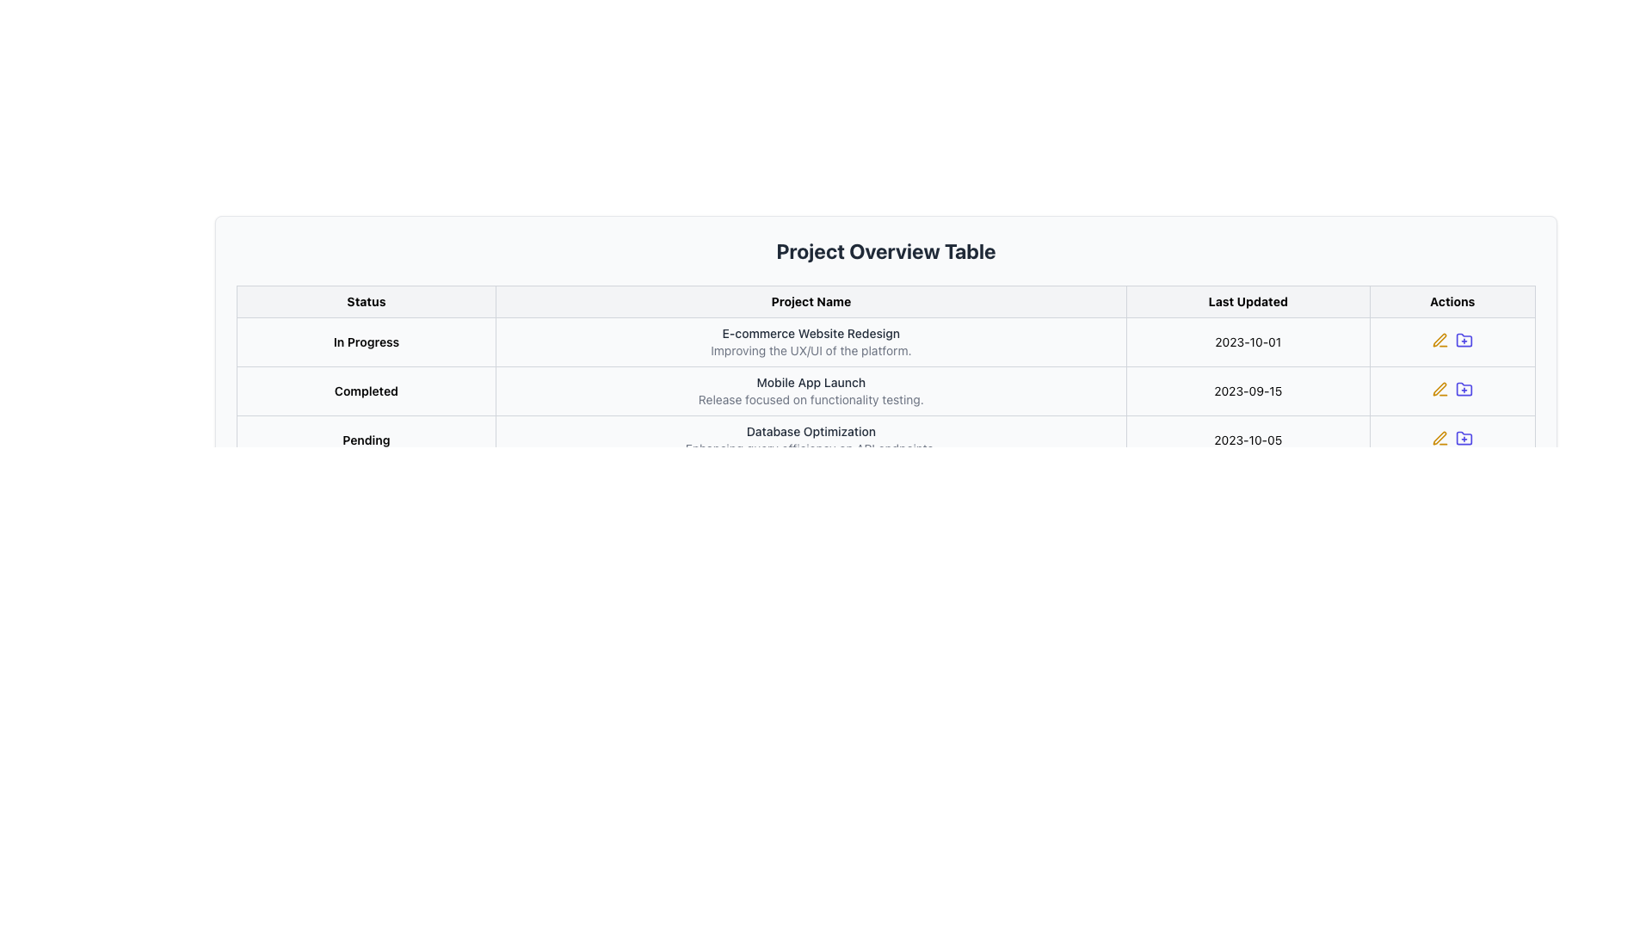 This screenshot has height=929, width=1652. What do you see at coordinates (1464, 340) in the screenshot?
I see `the plus icon in the top row of the 'Actions' column, which is represented by a folder with a plus sign in blue line art` at bounding box center [1464, 340].